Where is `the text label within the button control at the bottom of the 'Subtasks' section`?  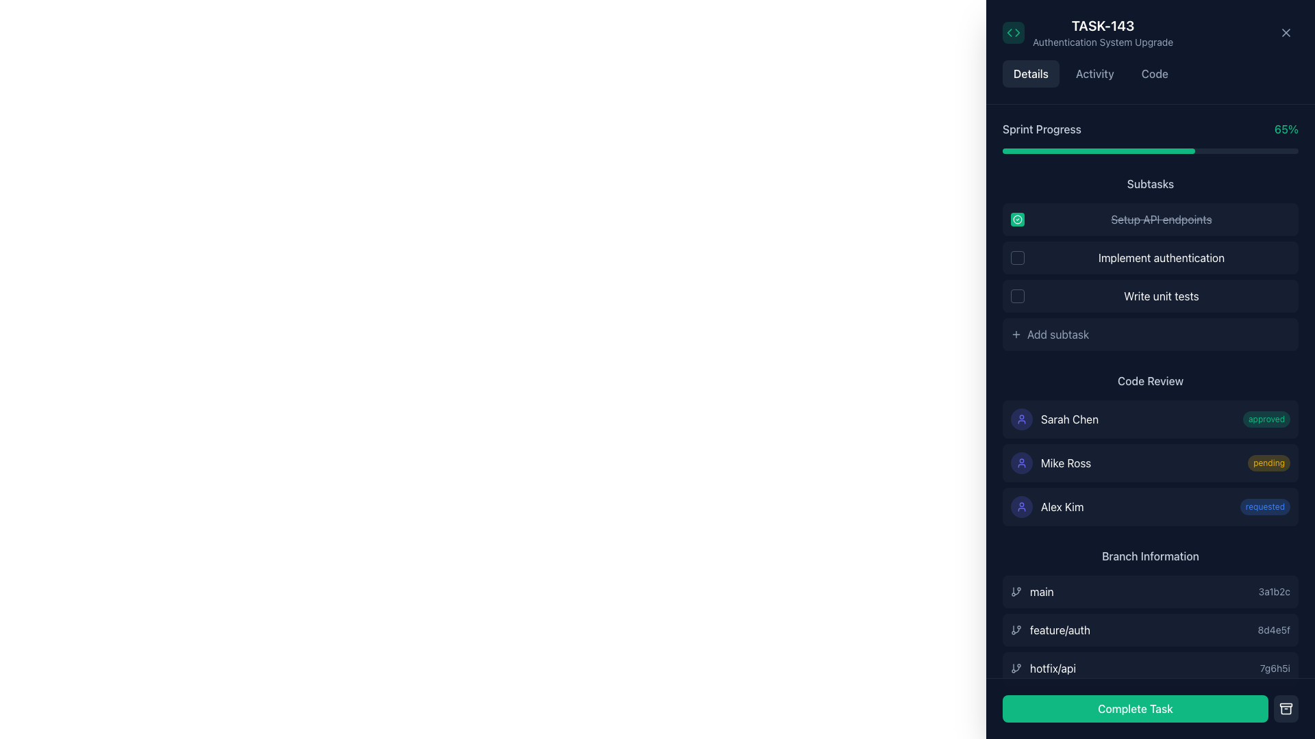 the text label within the button control at the bottom of the 'Subtasks' section is located at coordinates (1057, 335).